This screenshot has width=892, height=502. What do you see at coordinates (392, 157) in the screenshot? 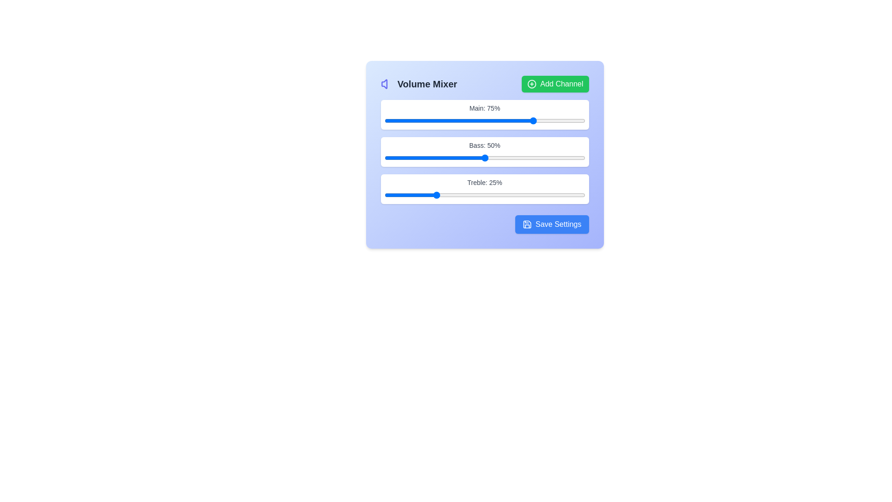
I see `the bass level` at bounding box center [392, 157].